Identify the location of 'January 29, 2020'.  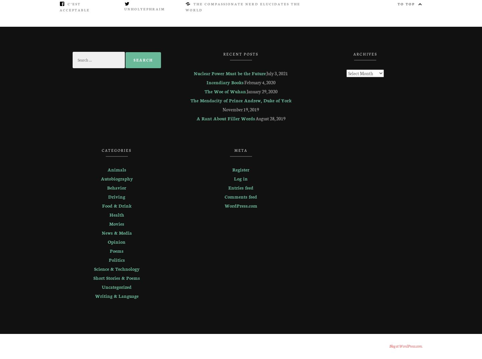
(262, 91).